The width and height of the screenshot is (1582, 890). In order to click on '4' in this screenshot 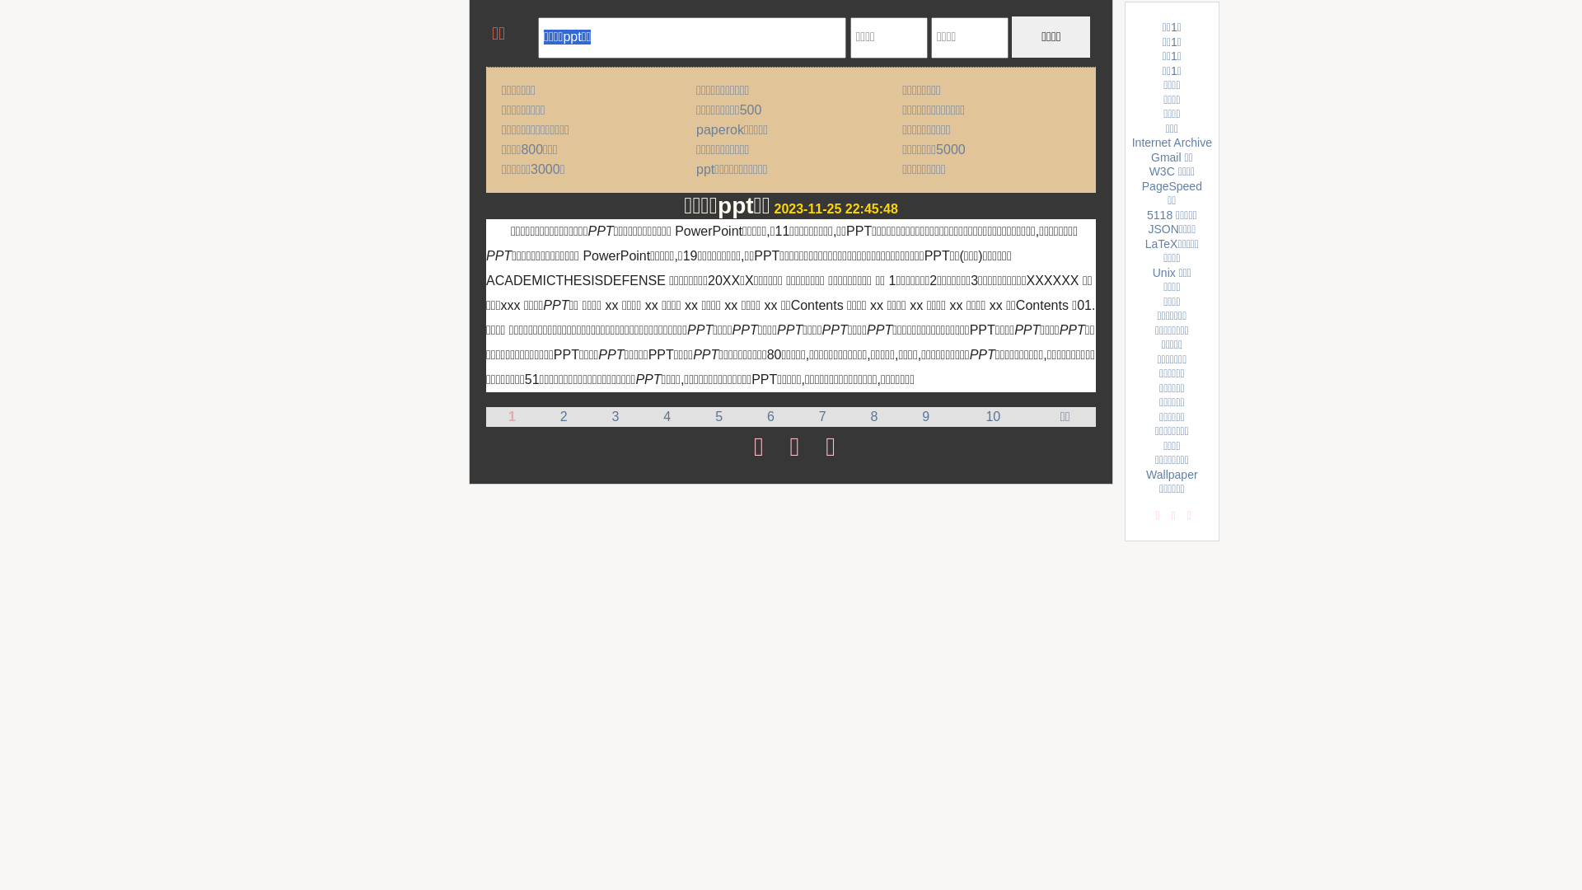, I will do `click(667, 415)`.